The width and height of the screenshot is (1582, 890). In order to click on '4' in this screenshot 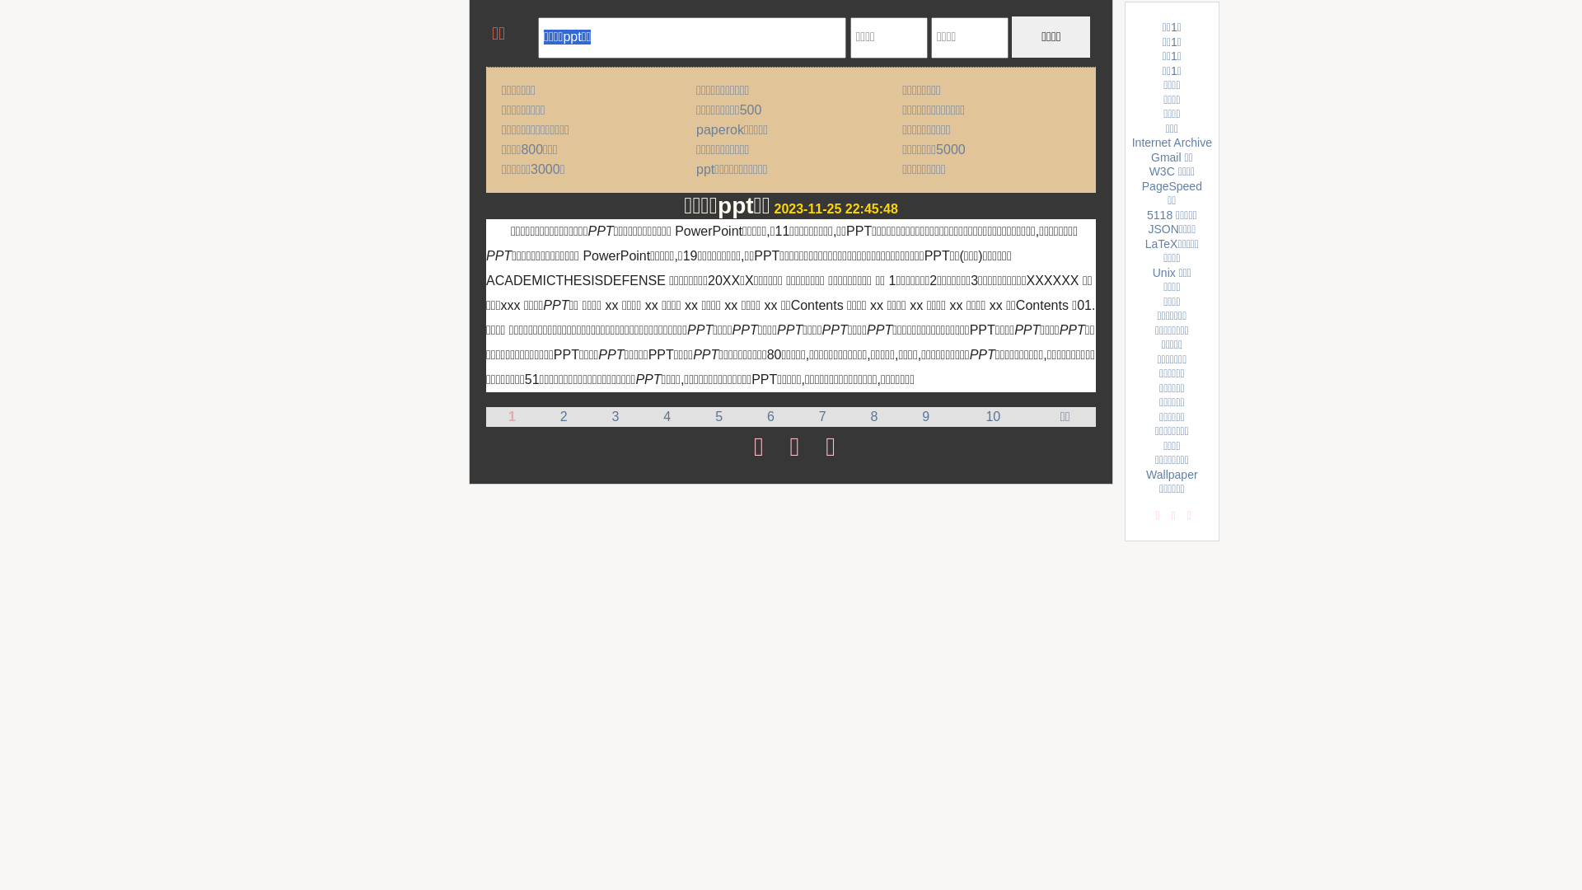, I will do `click(667, 415)`.